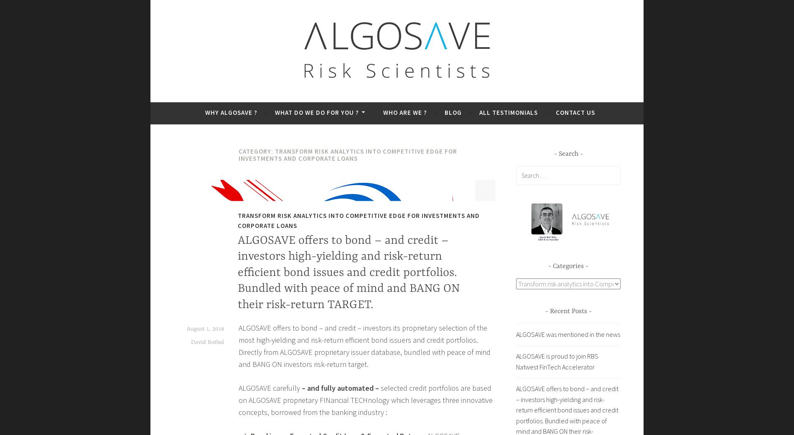  What do you see at coordinates (568, 153) in the screenshot?
I see `'Search'` at bounding box center [568, 153].